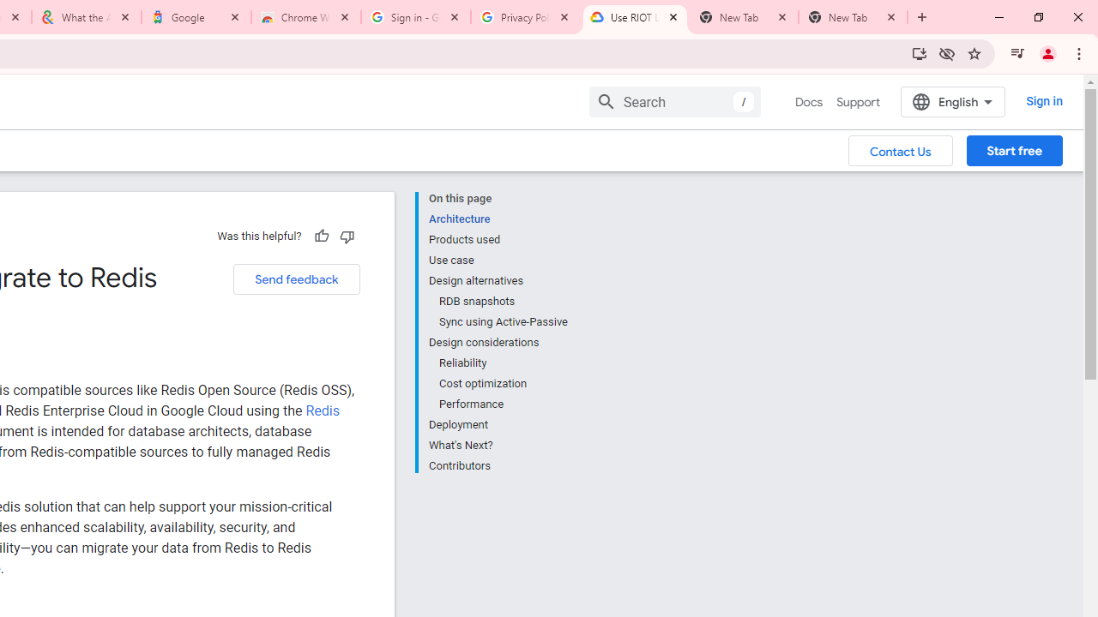  Describe the element at coordinates (807, 102) in the screenshot. I see `'Docs, selected'` at that location.